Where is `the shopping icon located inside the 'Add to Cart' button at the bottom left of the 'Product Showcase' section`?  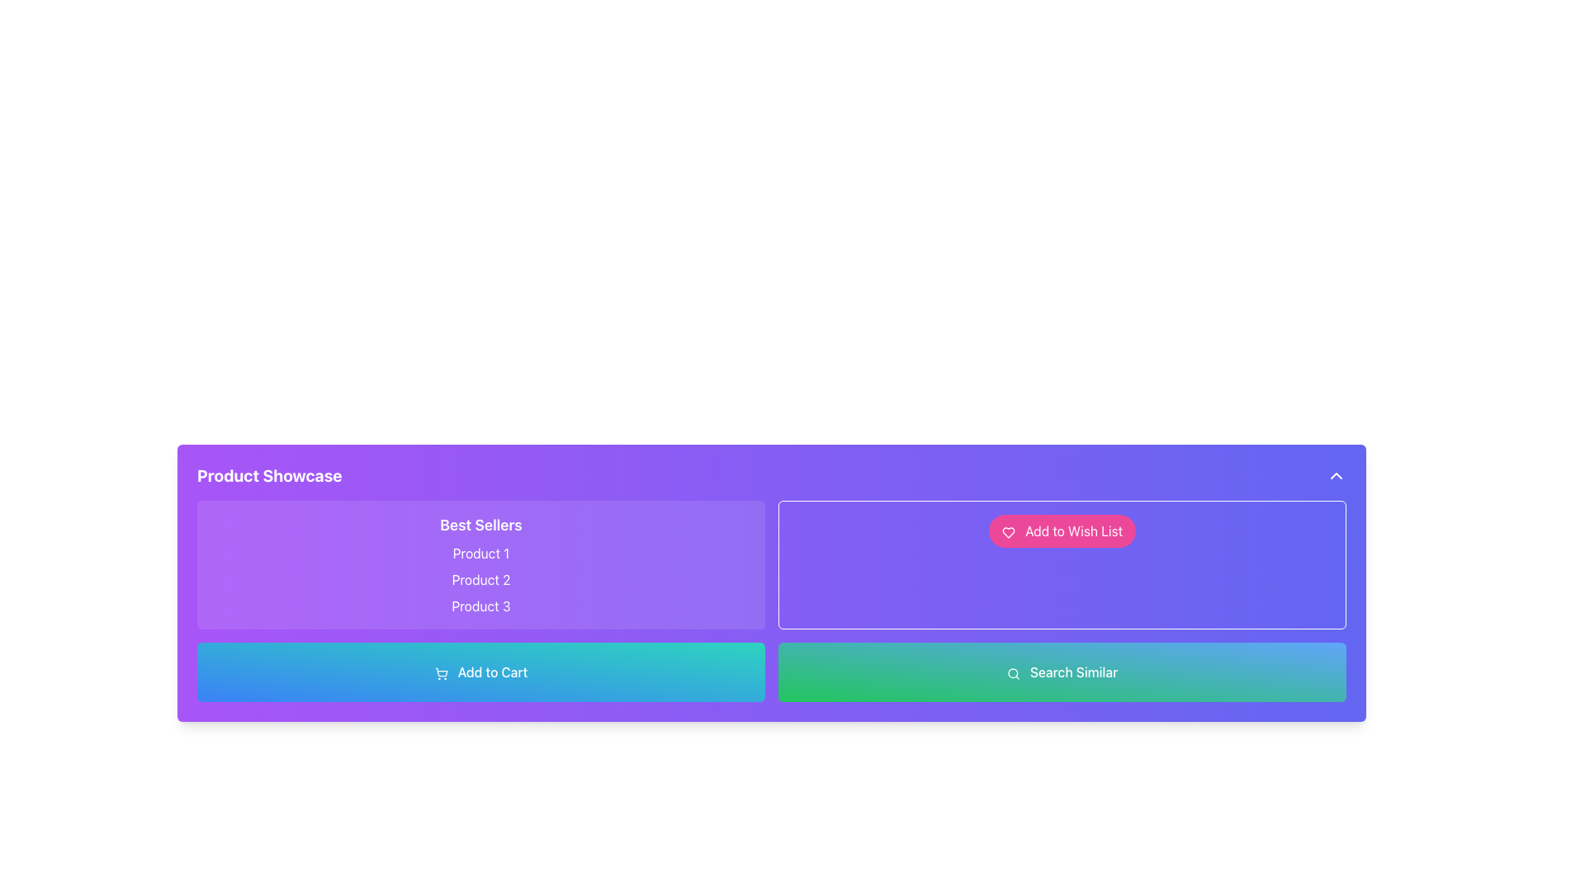 the shopping icon located inside the 'Add to Cart' button at the bottom left of the 'Product Showcase' section is located at coordinates (441, 672).